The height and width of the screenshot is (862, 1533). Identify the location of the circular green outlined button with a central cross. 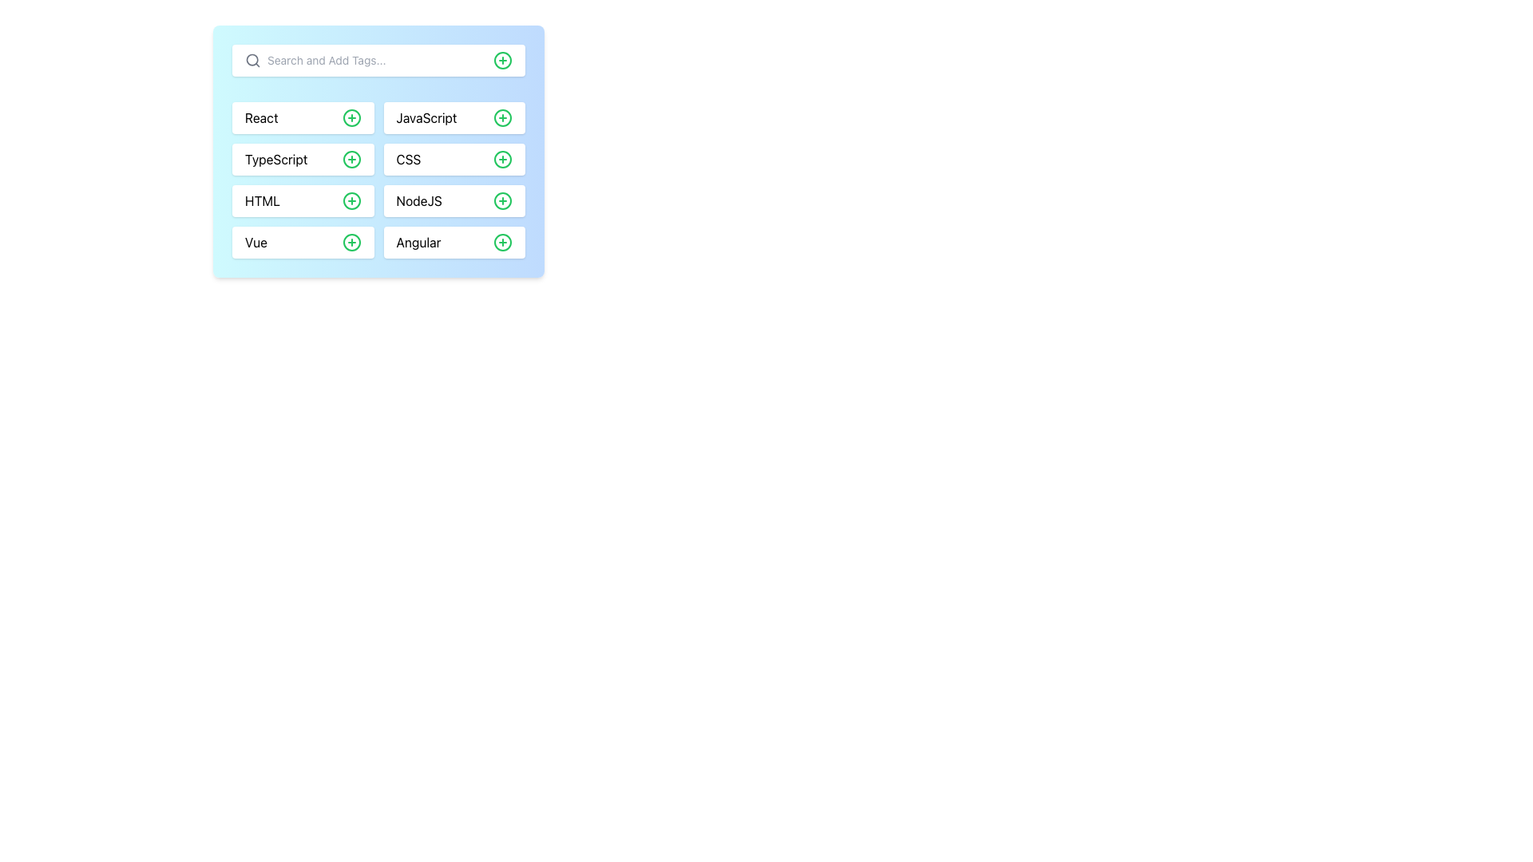
(351, 200).